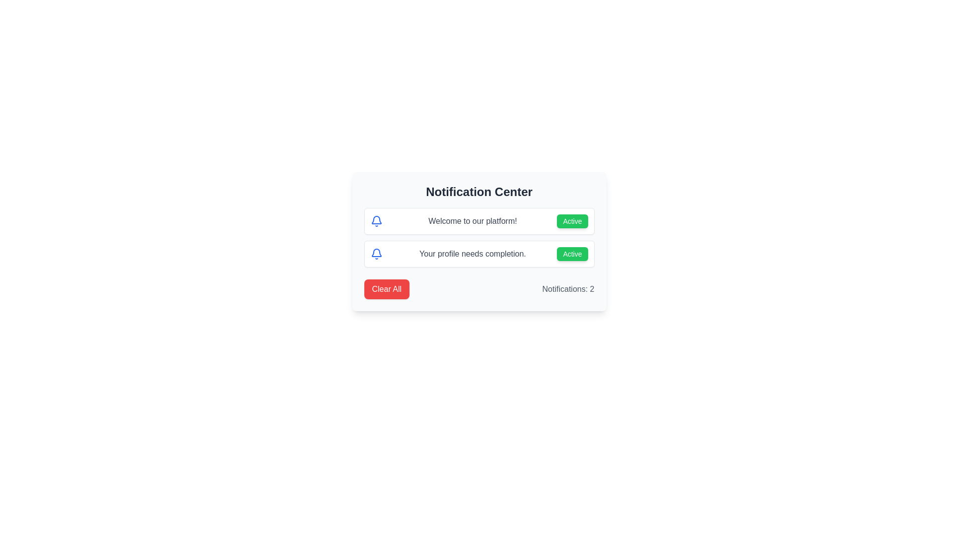 The image size is (953, 536). What do you see at coordinates (472, 221) in the screenshot?
I see `the text label that reads 'Welcome to our platform!' which is displayed in a gray font and located within the notification section, positioned between a bell icon and a green button labeled 'Active'` at bounding box center [472, 221].